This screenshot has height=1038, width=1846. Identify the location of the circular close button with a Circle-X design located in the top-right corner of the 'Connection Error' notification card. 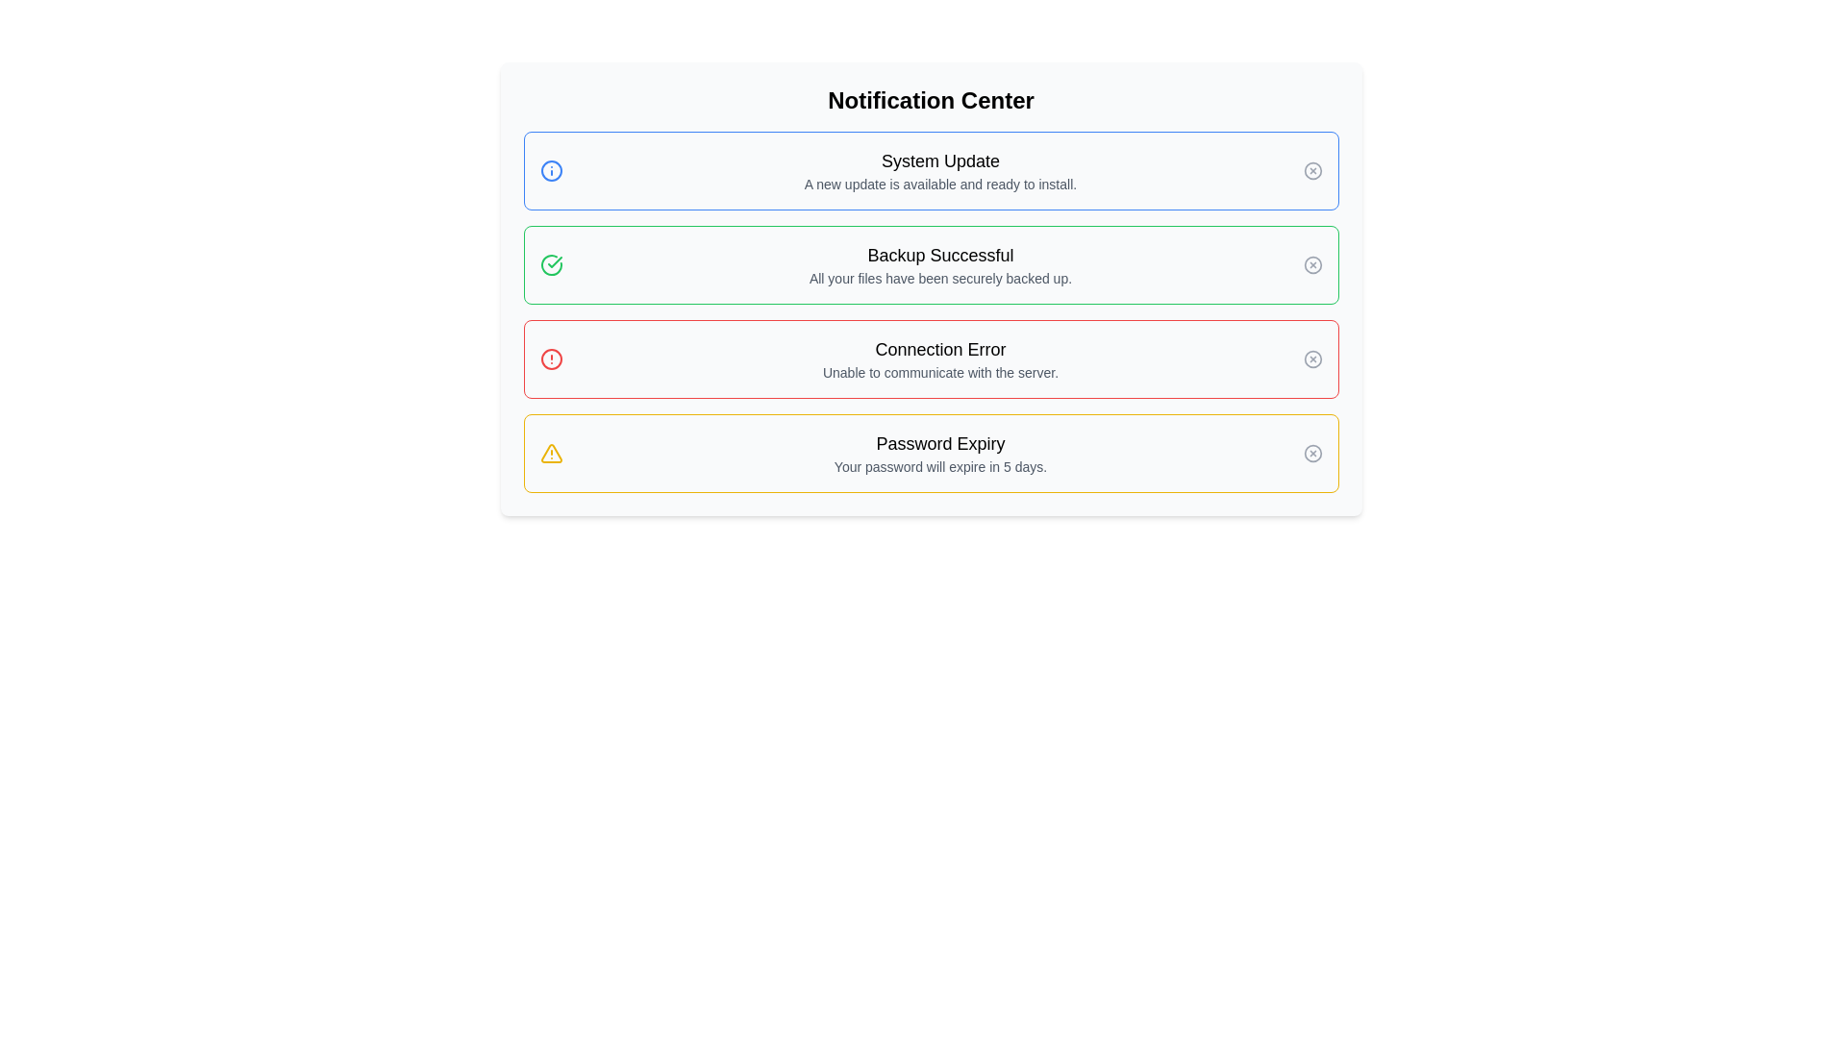
(1311, 359).